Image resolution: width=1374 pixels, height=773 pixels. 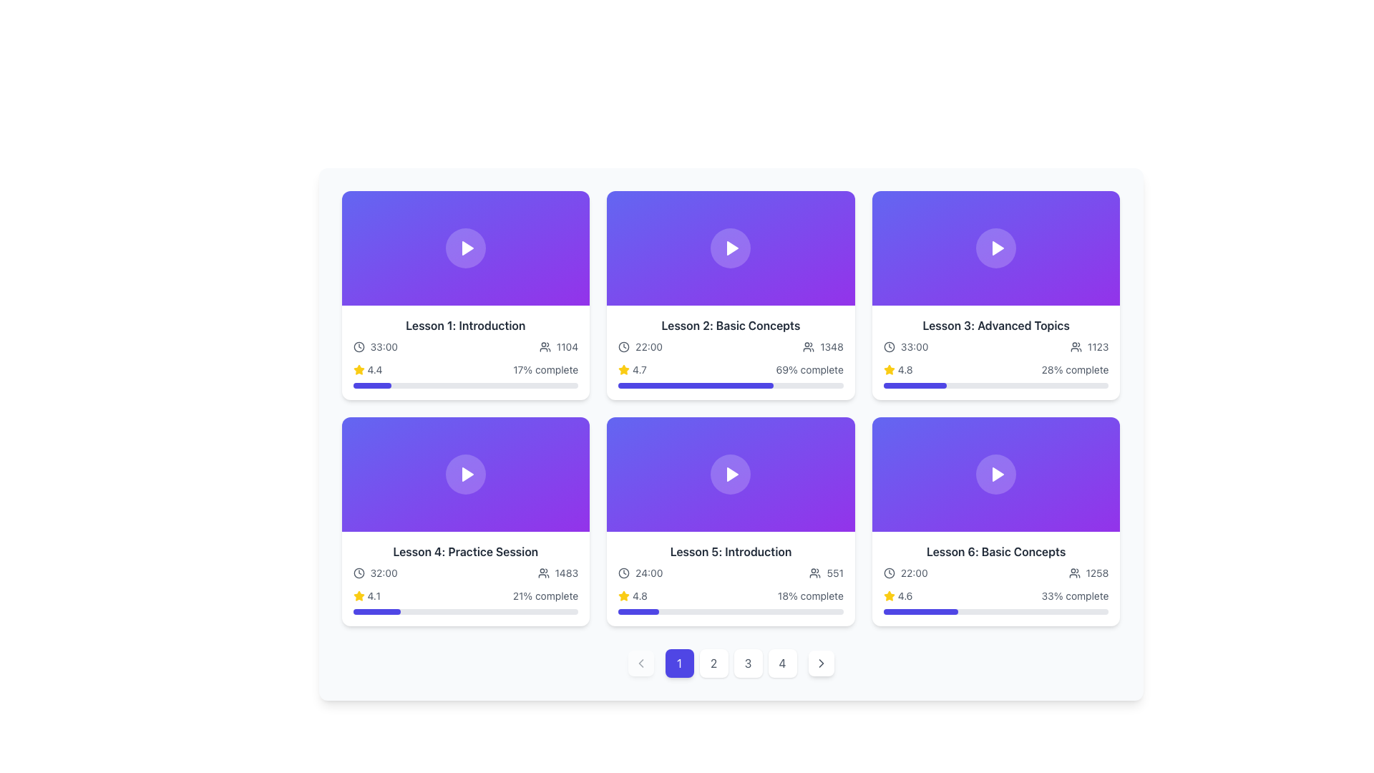 What do you see at coordinates (640, 347) in the screenshot?
I see `the time indicator text element located in the left section of the second row of the grid layout, which is part of the 'Lesson 2: Basic Concepts' card` at bounding box center [640, 347].